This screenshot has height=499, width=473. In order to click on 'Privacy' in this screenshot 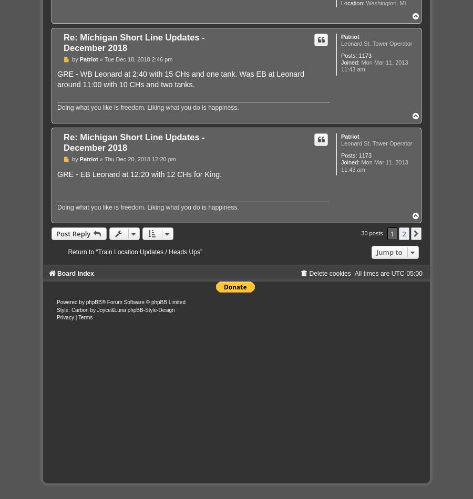, I will do `click(65, 317)`.